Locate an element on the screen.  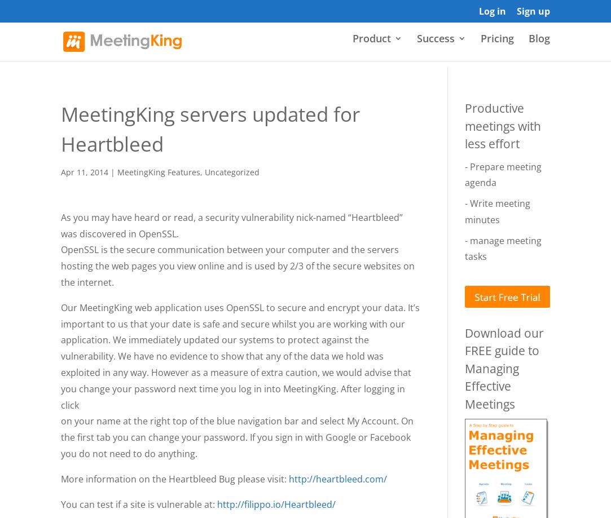
'As you may have heard or read, a security vulnerability nick-named “Heartbleed” was discovered in OpenSSL.' is located at coordinates (231, 225).